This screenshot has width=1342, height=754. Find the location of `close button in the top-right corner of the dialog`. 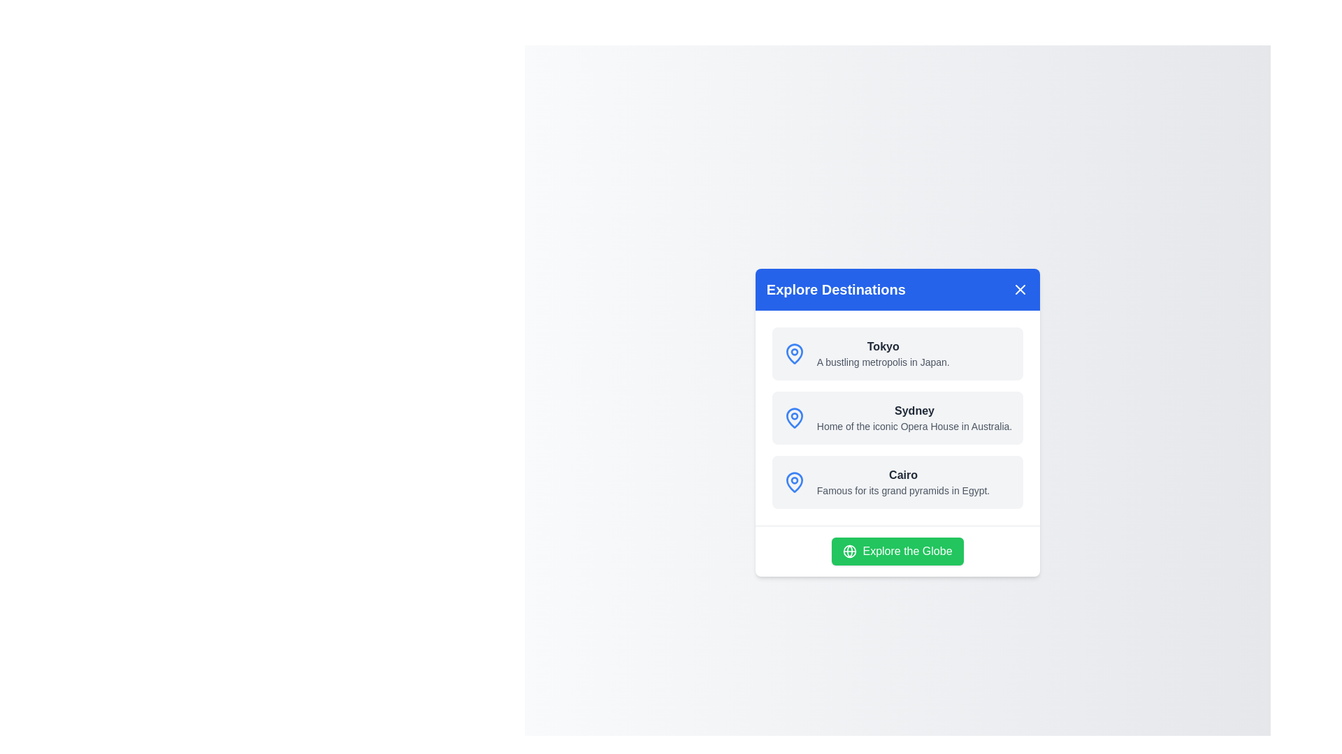

close button in the top-right corner of the dialog is located at coordinates (1020, 288).